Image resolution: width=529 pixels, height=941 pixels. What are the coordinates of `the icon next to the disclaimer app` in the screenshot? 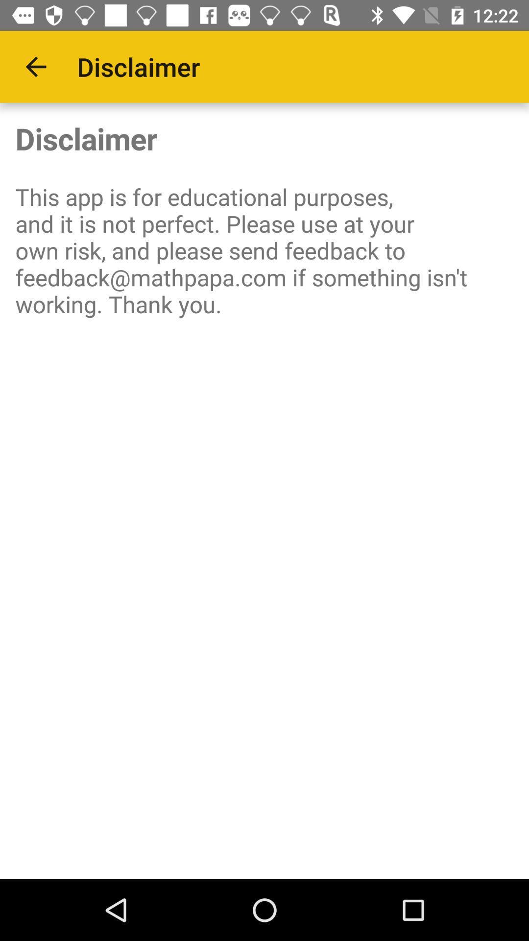 It's located at (35, 66).